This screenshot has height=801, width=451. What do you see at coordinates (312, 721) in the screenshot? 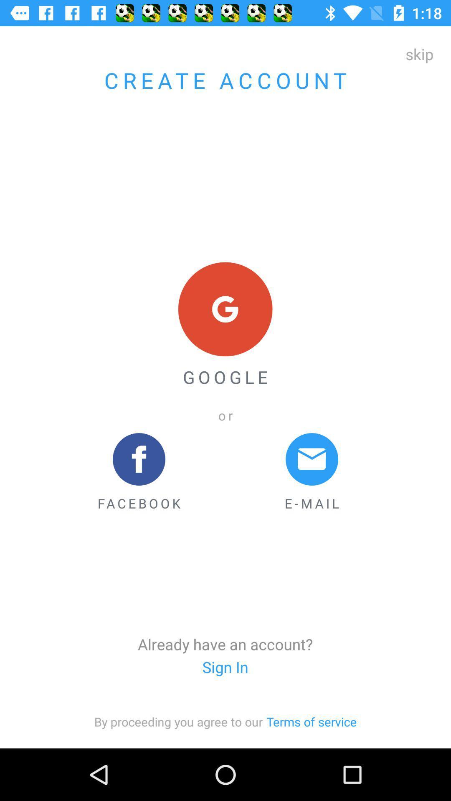
I see `icon next to` at bounding box center [312, 721].